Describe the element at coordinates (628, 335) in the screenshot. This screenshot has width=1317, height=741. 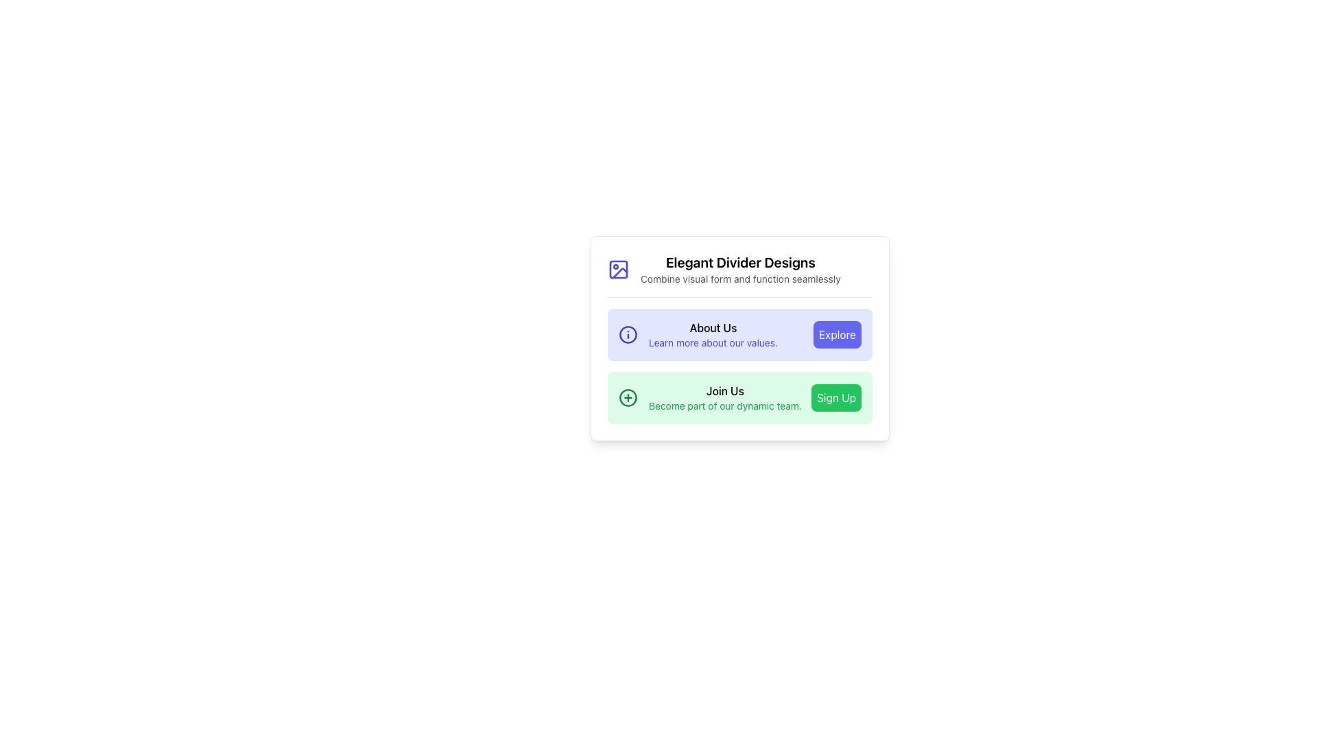
I see `the 'About Us' icon located to the left of the text block with the title 'About Us' and subtitle 'Learn more about our values.'` at that location.